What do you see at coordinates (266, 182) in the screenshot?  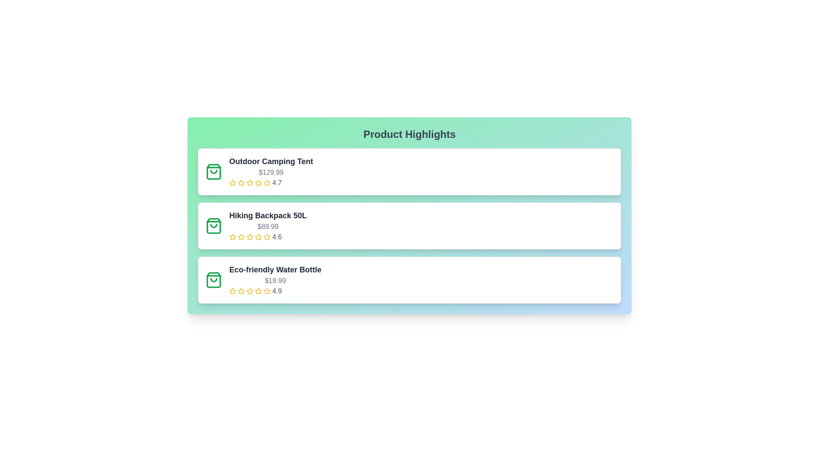 I see `the rating of the product to 5 stars by clicking on the corresponding star` at bounding box center [266, 182].